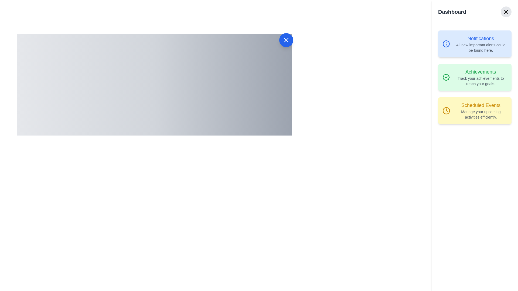 The width and height of the screenshot is (518, 291). I want to click on the close button located in the top-right corner of the header area of the dashboard, which is styled as a graphical SVG element, so click(506, 12).